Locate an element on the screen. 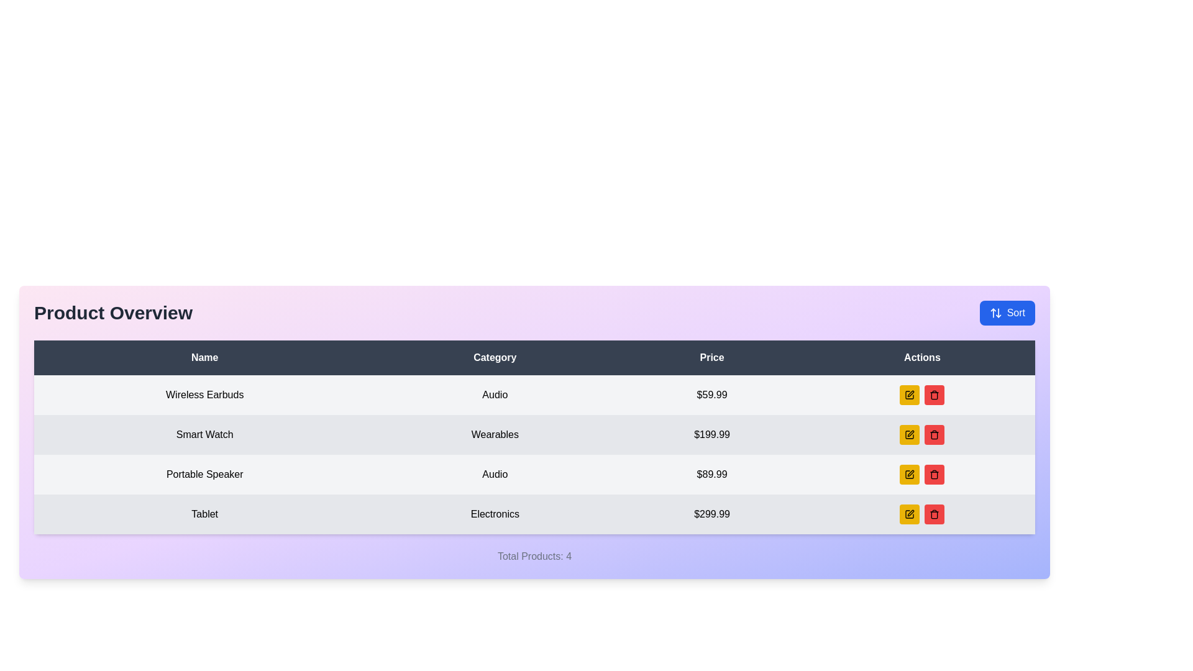  the 'Audio' text label which is displayed in a light gray cell in the second column of the third row in the table under 'Category' is located at coordinates (494, 474).